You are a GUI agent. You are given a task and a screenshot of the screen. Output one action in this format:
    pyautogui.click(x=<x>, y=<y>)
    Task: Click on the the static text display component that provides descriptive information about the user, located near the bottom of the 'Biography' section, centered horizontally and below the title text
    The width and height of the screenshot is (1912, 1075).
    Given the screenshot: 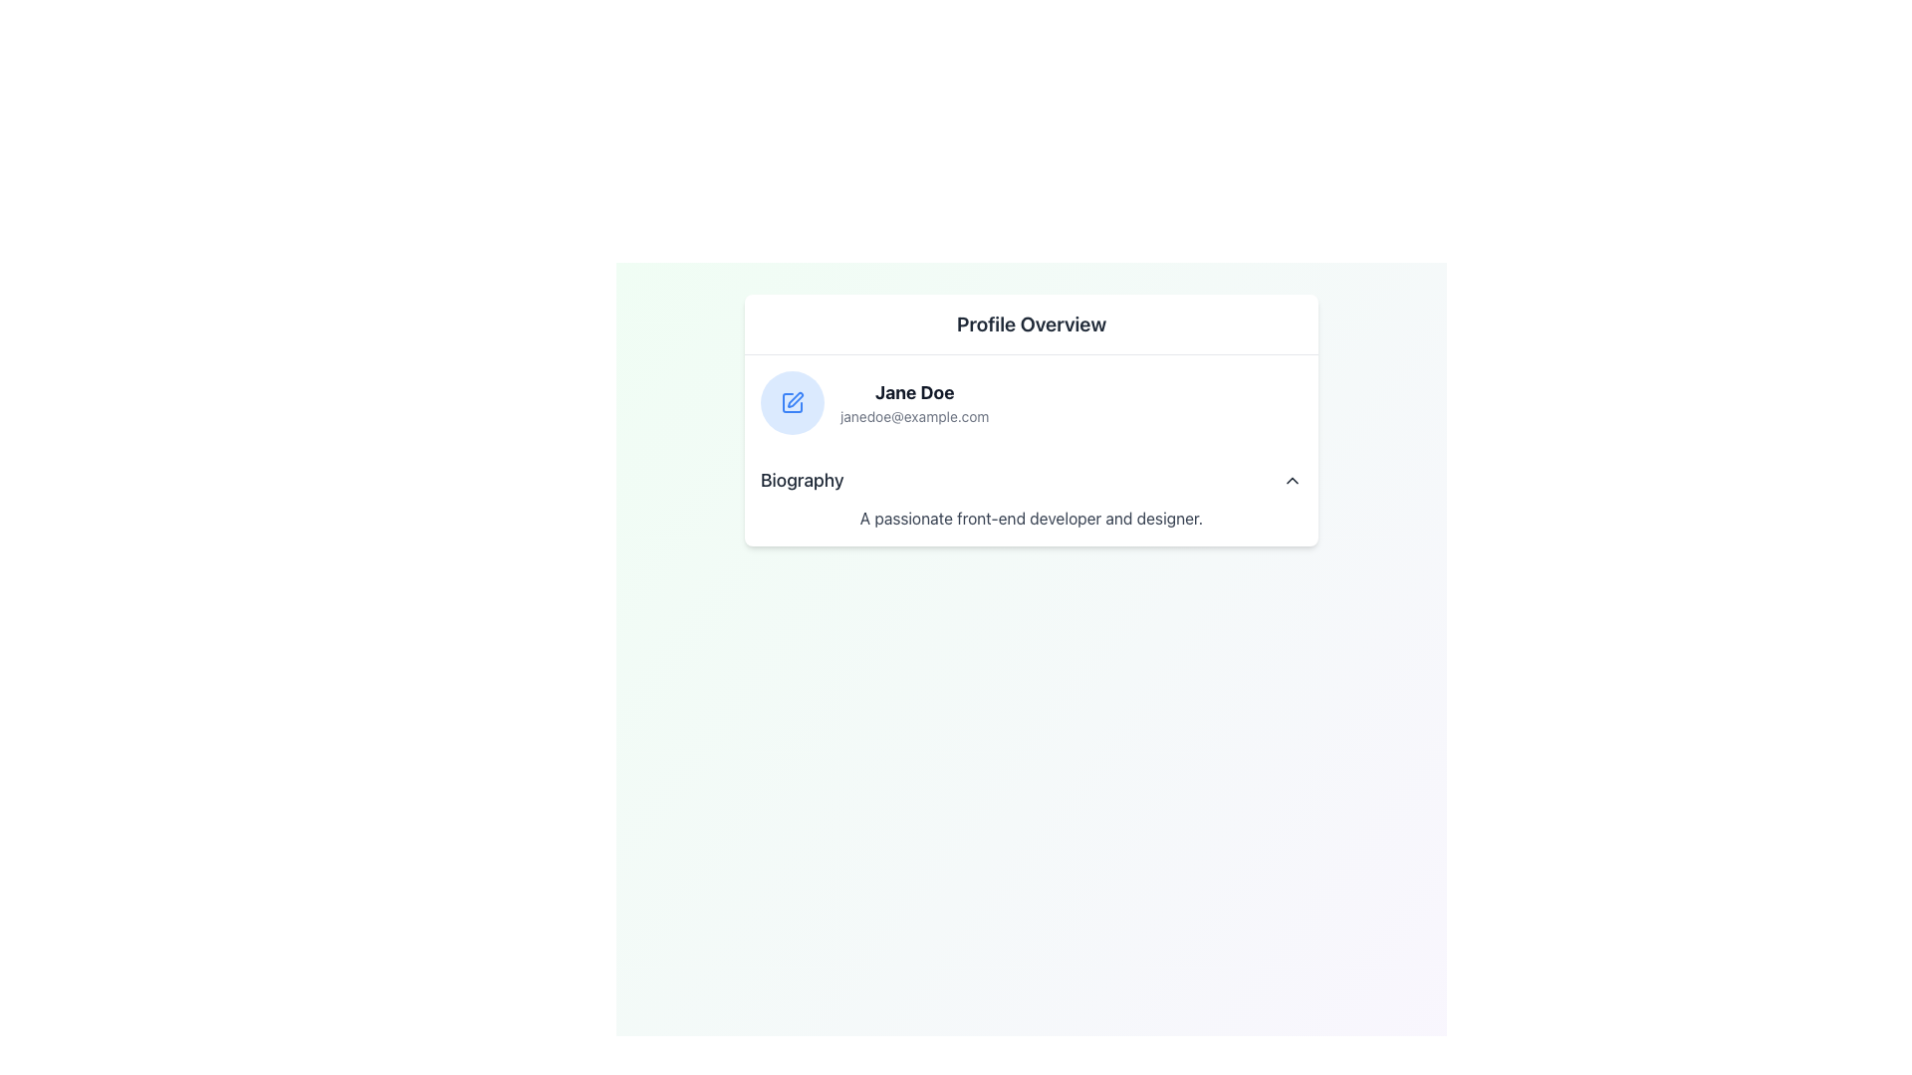 What is the action you would take?
    pyautogui.click(x=1032, y=517)
    